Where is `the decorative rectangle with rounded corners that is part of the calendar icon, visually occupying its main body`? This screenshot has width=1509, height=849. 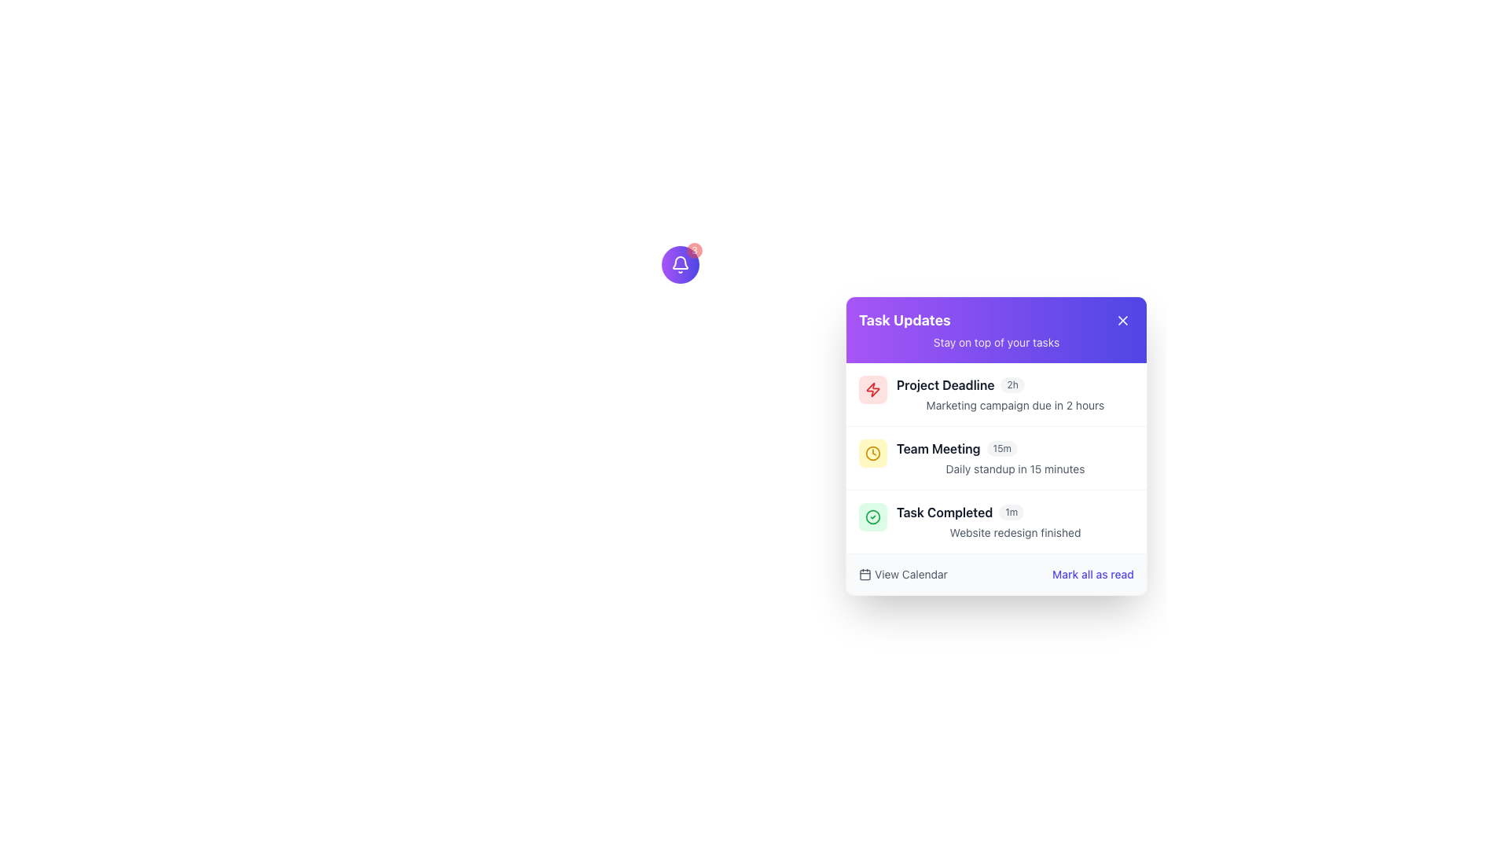 the decorative rectangle with rounded corners that is part of the calendar icon, visually occupying its main body is located at coordinates (864, 575).